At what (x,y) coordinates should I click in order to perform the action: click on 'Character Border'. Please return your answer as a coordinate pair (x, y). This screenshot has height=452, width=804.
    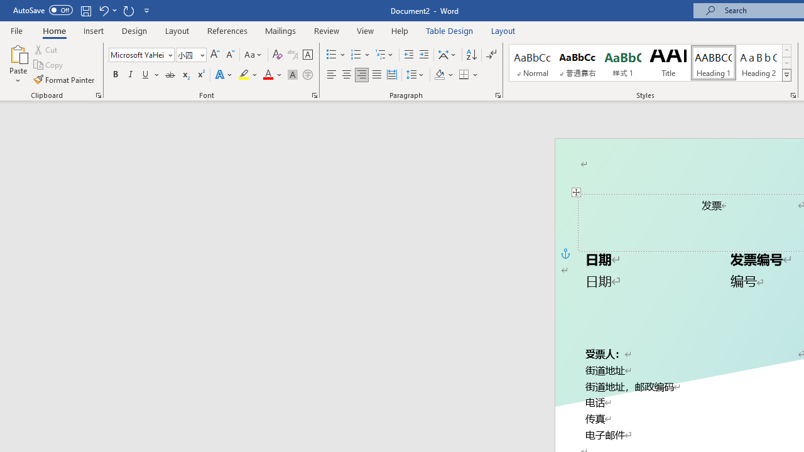
    Looking at the image, I should click on (307, 54).